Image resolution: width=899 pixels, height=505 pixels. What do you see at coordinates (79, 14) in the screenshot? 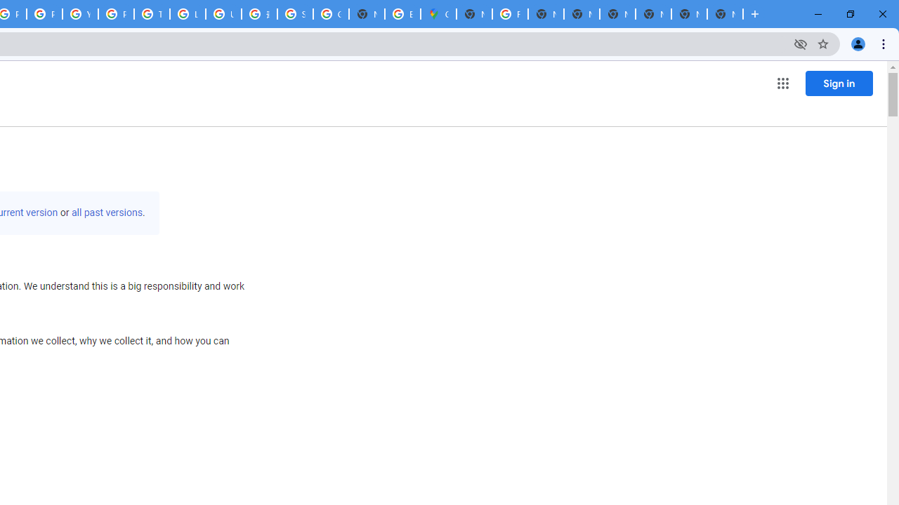
I see `'YouTube'` at bounding box center [79, 14].